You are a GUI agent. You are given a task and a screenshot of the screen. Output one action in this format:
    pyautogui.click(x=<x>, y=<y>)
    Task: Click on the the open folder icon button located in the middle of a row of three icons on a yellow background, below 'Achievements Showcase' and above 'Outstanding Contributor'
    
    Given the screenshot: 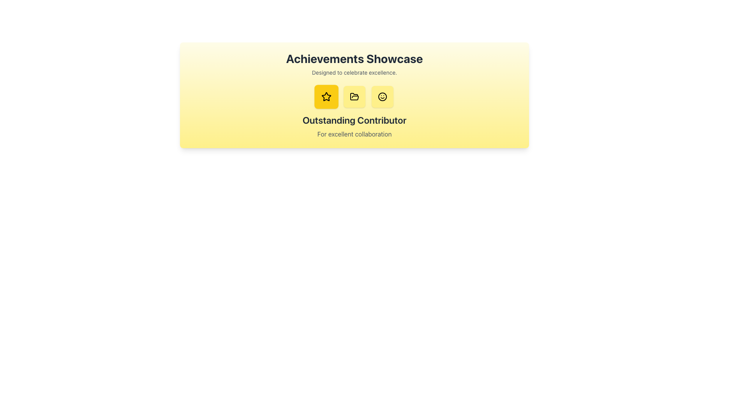 What is the action you would take?
    pyautogui.click(x=354, y=96)
    